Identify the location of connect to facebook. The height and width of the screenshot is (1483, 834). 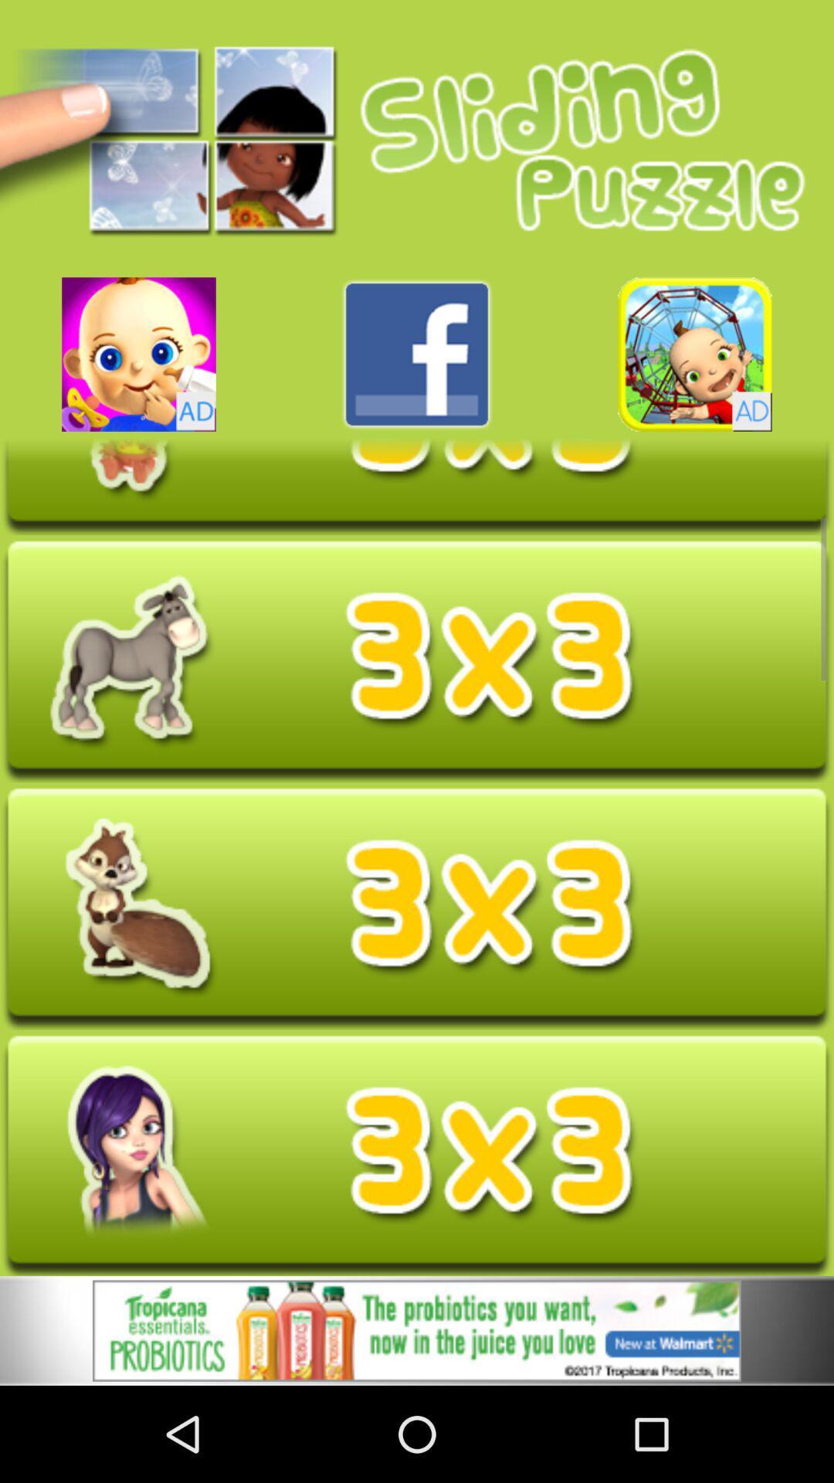
(417, 354).